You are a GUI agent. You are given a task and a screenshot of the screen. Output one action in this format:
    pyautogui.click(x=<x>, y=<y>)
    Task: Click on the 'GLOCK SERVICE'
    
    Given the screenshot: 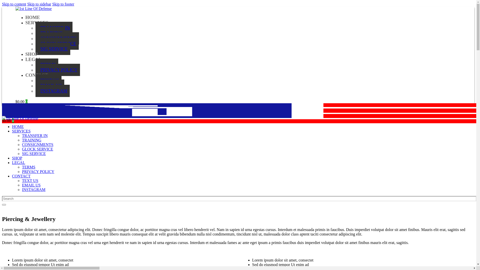 What is the action you would take?
    pyautogui.click(x=37, y=149)
    